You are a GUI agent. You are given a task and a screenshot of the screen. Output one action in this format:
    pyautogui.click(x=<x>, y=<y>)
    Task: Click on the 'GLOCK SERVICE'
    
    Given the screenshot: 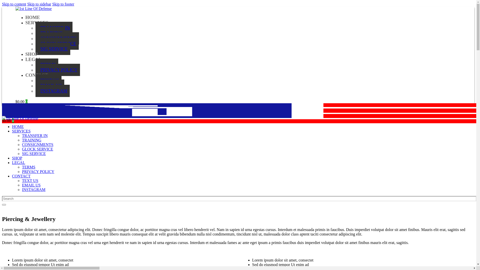 What is the action you would take?
    pyautogui.click(x=37, y=149)
    